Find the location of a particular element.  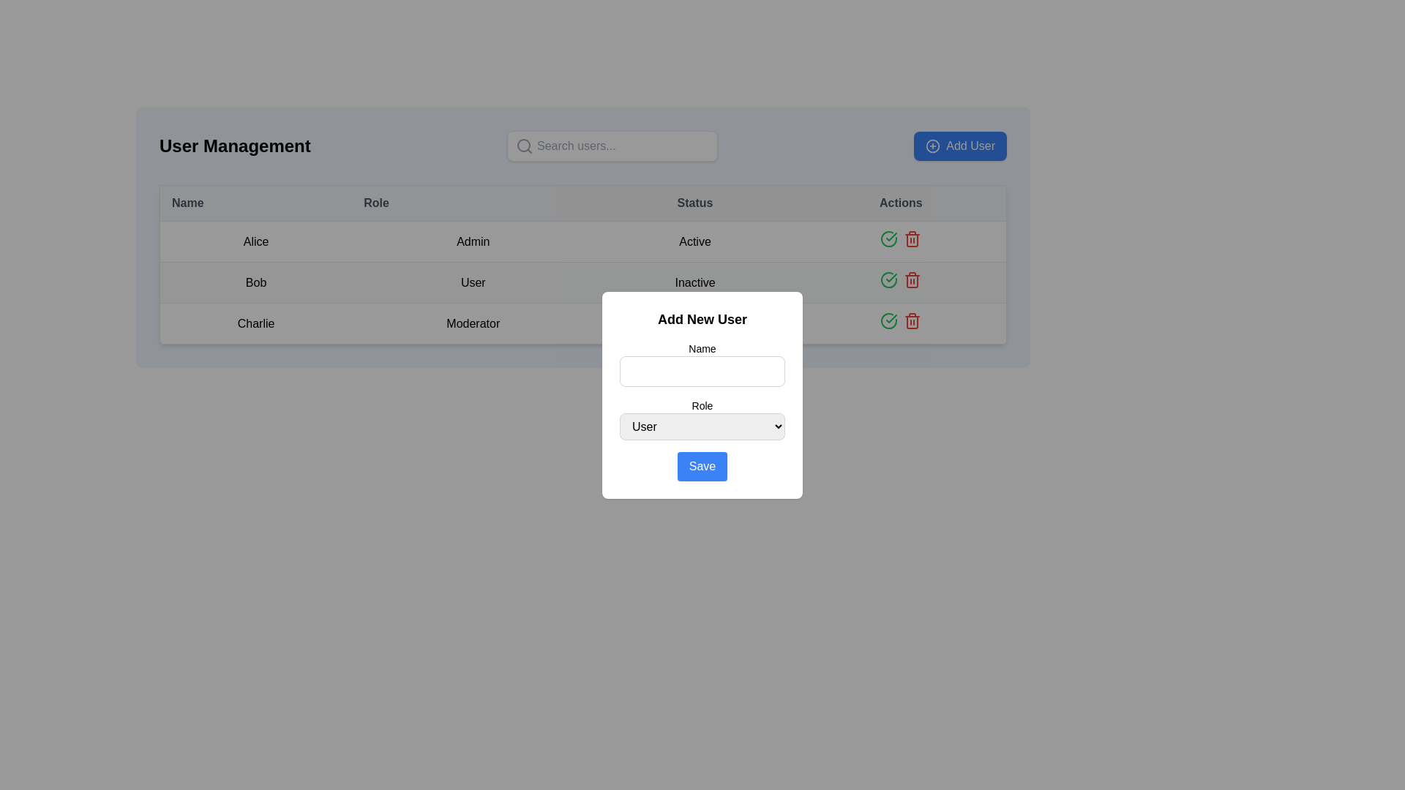

the decorative circle within the 'Add User' button, which is a circular icon featuring a '+' symbol is located at coordinates (932, 146).